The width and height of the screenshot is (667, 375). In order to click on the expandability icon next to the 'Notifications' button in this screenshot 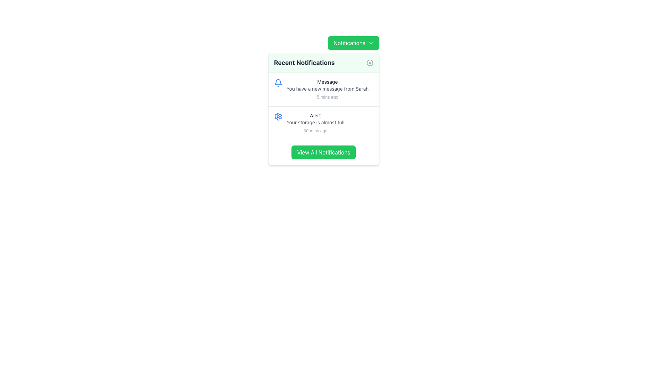, I will do `click(370, 43)`.